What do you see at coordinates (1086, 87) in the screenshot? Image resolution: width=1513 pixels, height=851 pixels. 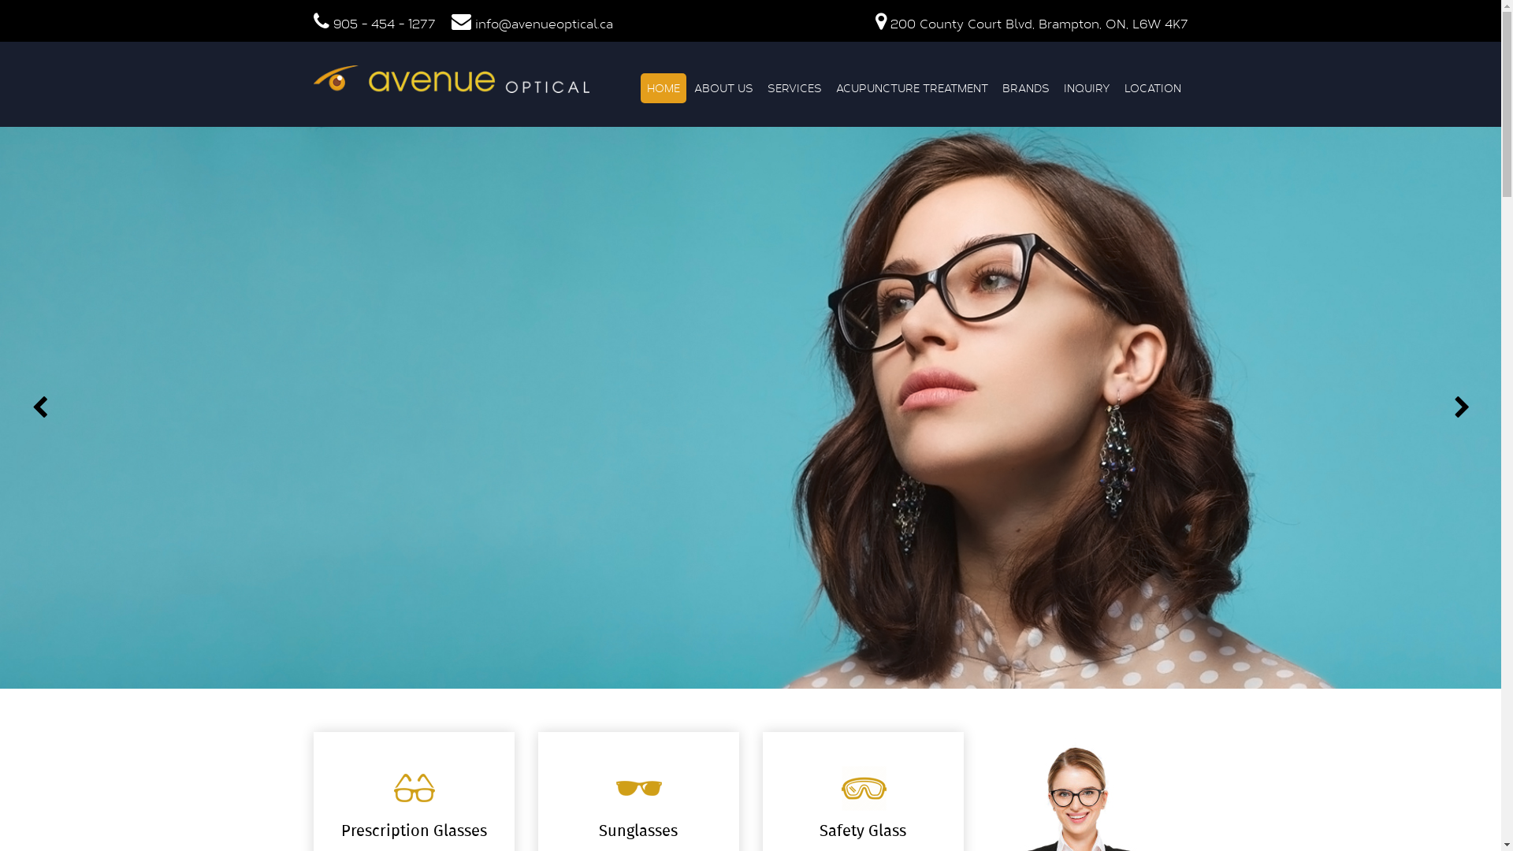 I see `'INQUIRY'` at bounding box center [1086, 87].